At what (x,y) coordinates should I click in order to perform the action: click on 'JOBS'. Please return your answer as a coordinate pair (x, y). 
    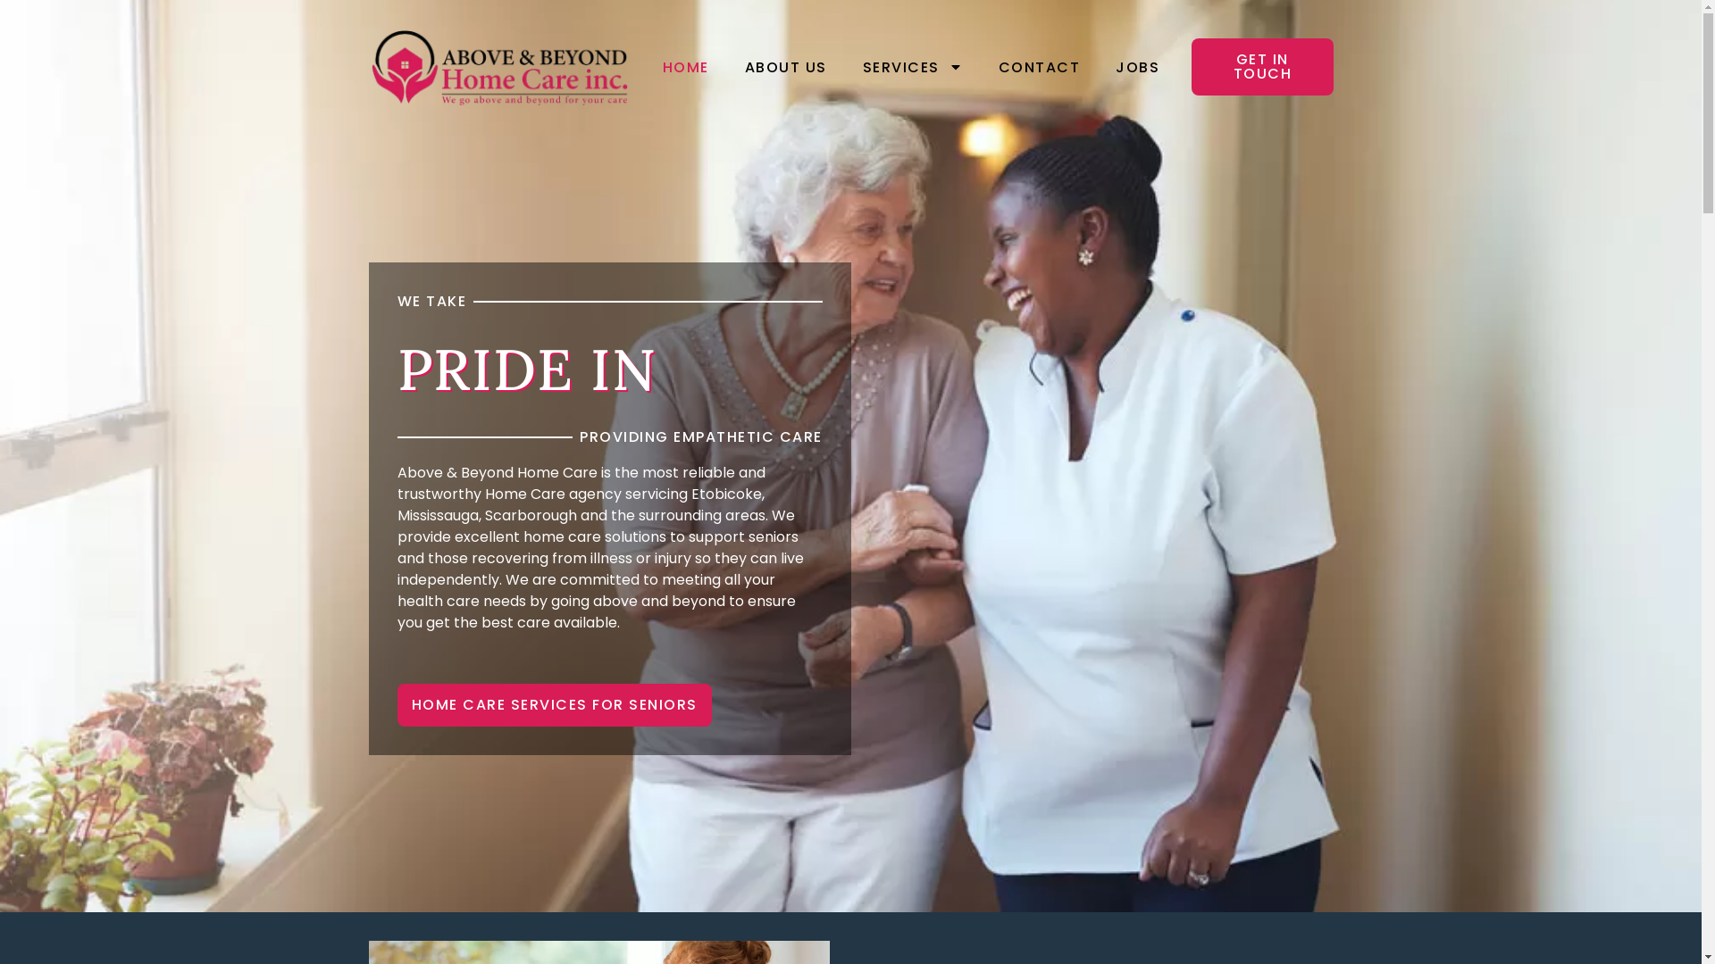
    Looking at the image, I should click on (1096, 66).